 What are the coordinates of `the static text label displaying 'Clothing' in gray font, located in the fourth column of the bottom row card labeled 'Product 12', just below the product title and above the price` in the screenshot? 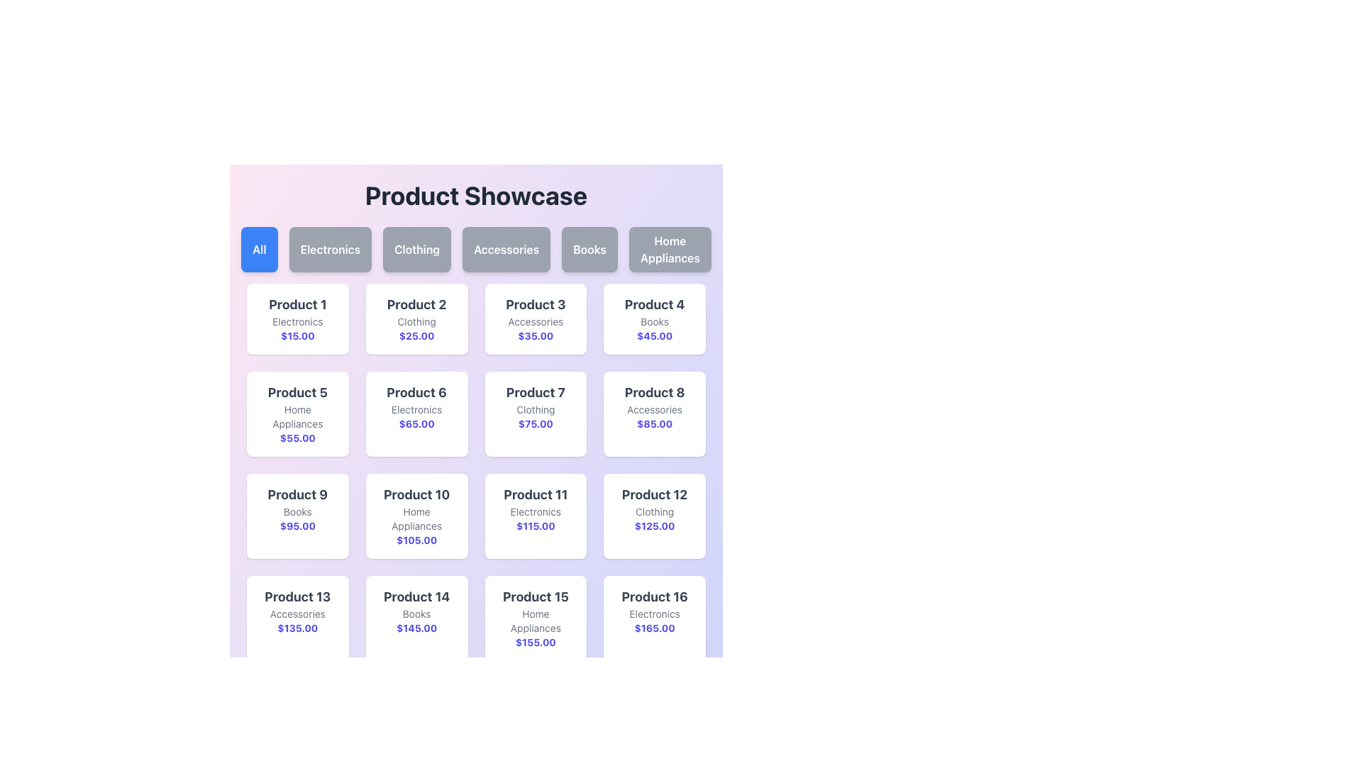 It's located at (654, 511).